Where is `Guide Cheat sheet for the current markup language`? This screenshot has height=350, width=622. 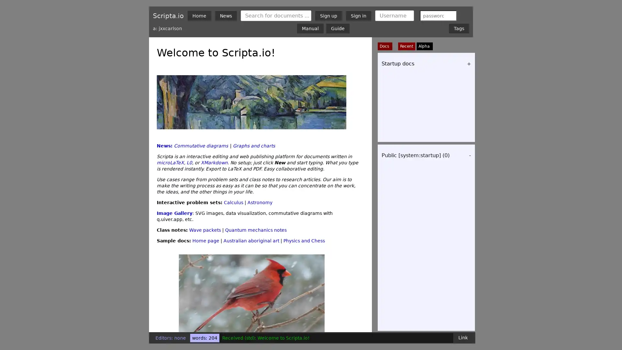
Guide Cheat sheet for the current markup language is located at coordinates (337, 28).